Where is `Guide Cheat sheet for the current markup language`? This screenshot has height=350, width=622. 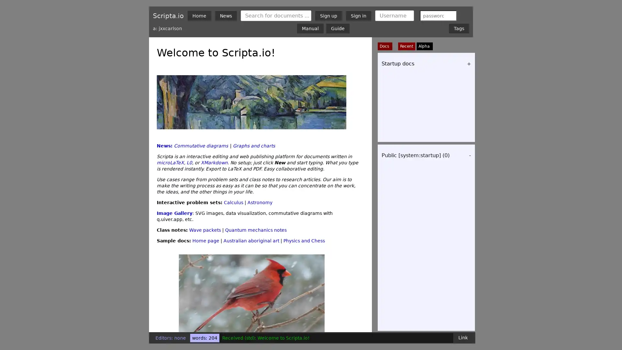
Guide Cheat sheet for the current markup language is located at coordinates (337, 28).